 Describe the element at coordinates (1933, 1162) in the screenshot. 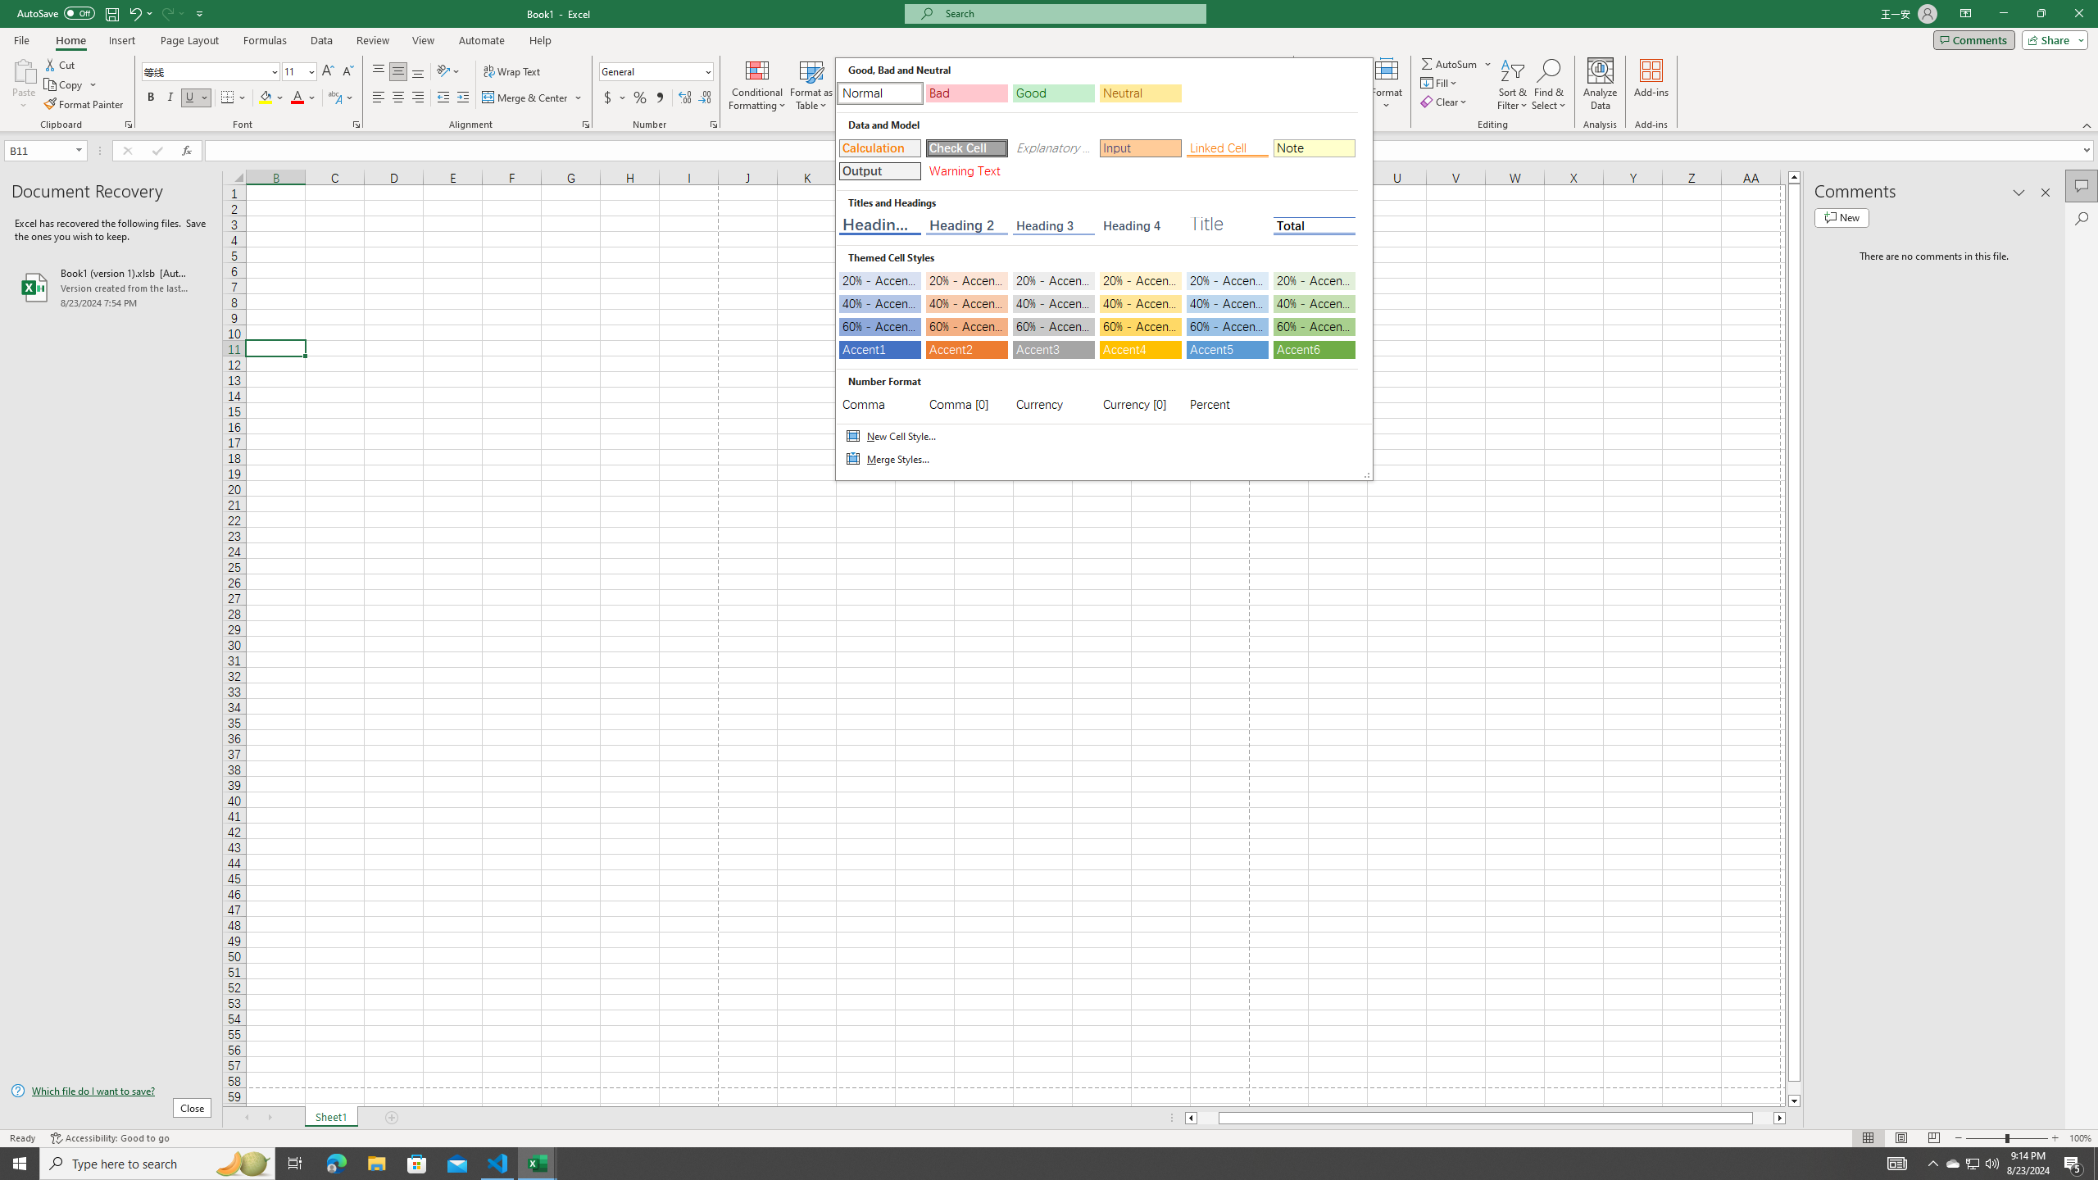

I see `'Notification Chevron'` at that location.